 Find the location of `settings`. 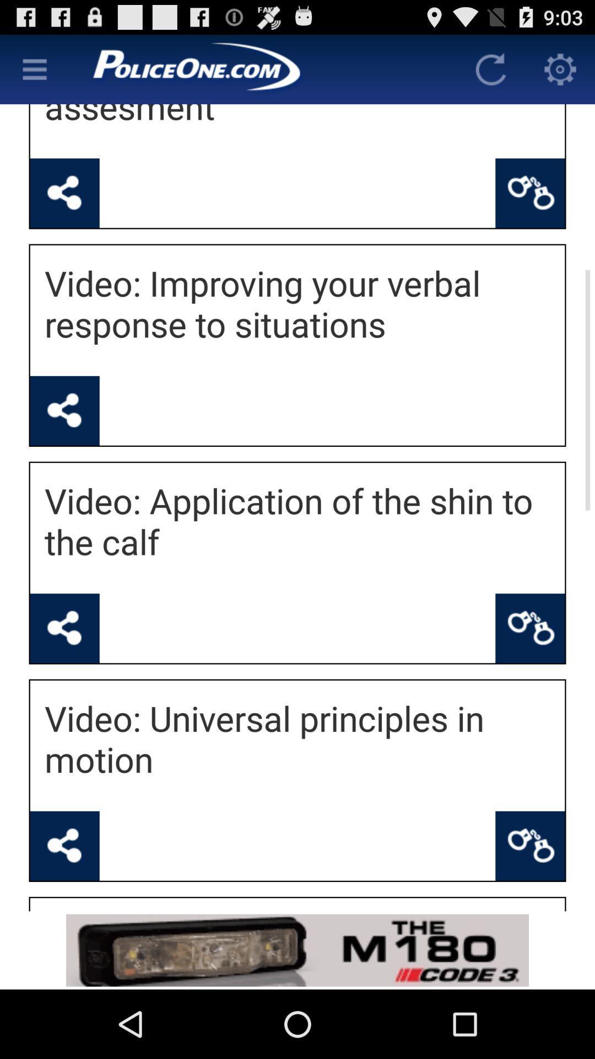

settings is located at coordinates (560, 68).